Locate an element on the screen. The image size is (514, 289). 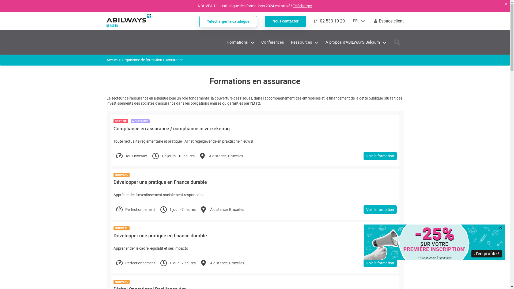
'02 533 10 20' is located at coordinates (329, 21).